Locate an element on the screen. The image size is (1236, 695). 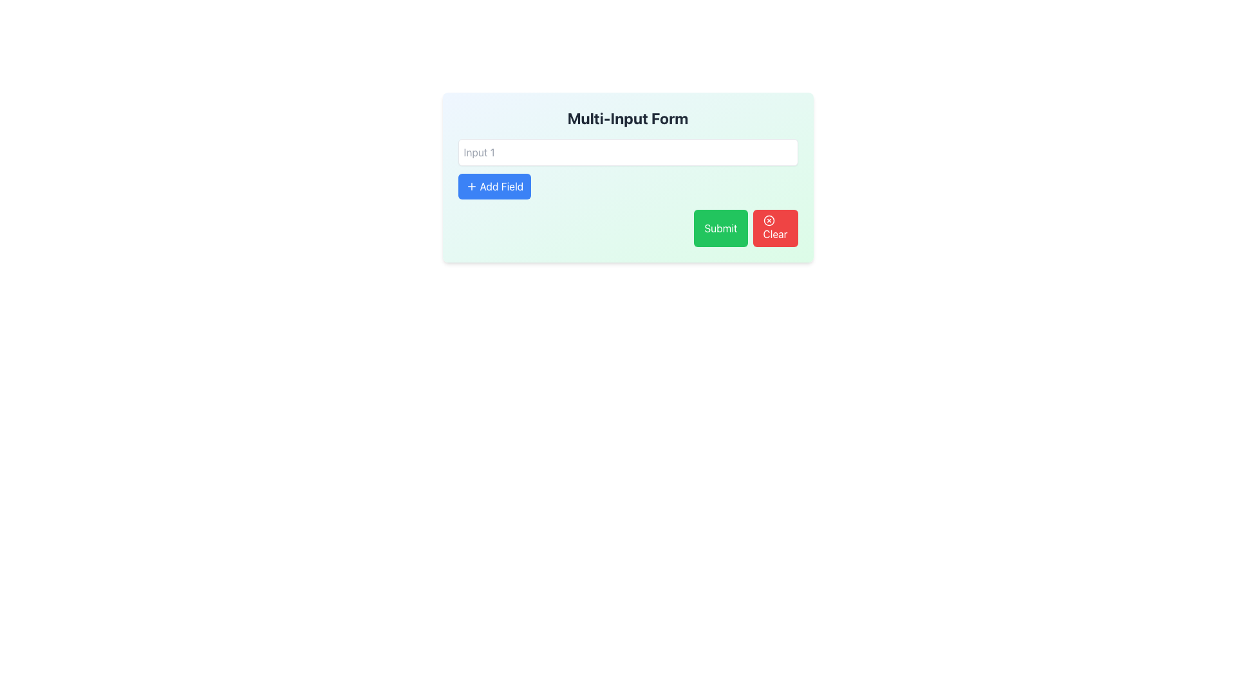
the red 'Clear' button located at the bottom-right of the form is located at coordinates (774, 227).